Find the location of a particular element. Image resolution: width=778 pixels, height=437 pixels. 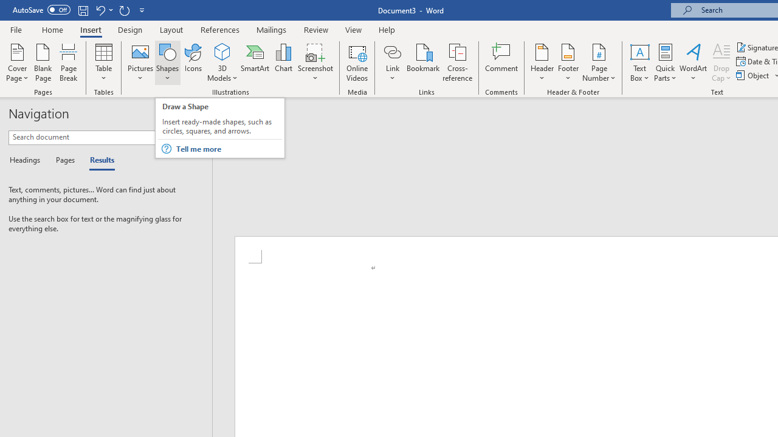

'Undo New Page' is located at coordinates (103, 10).